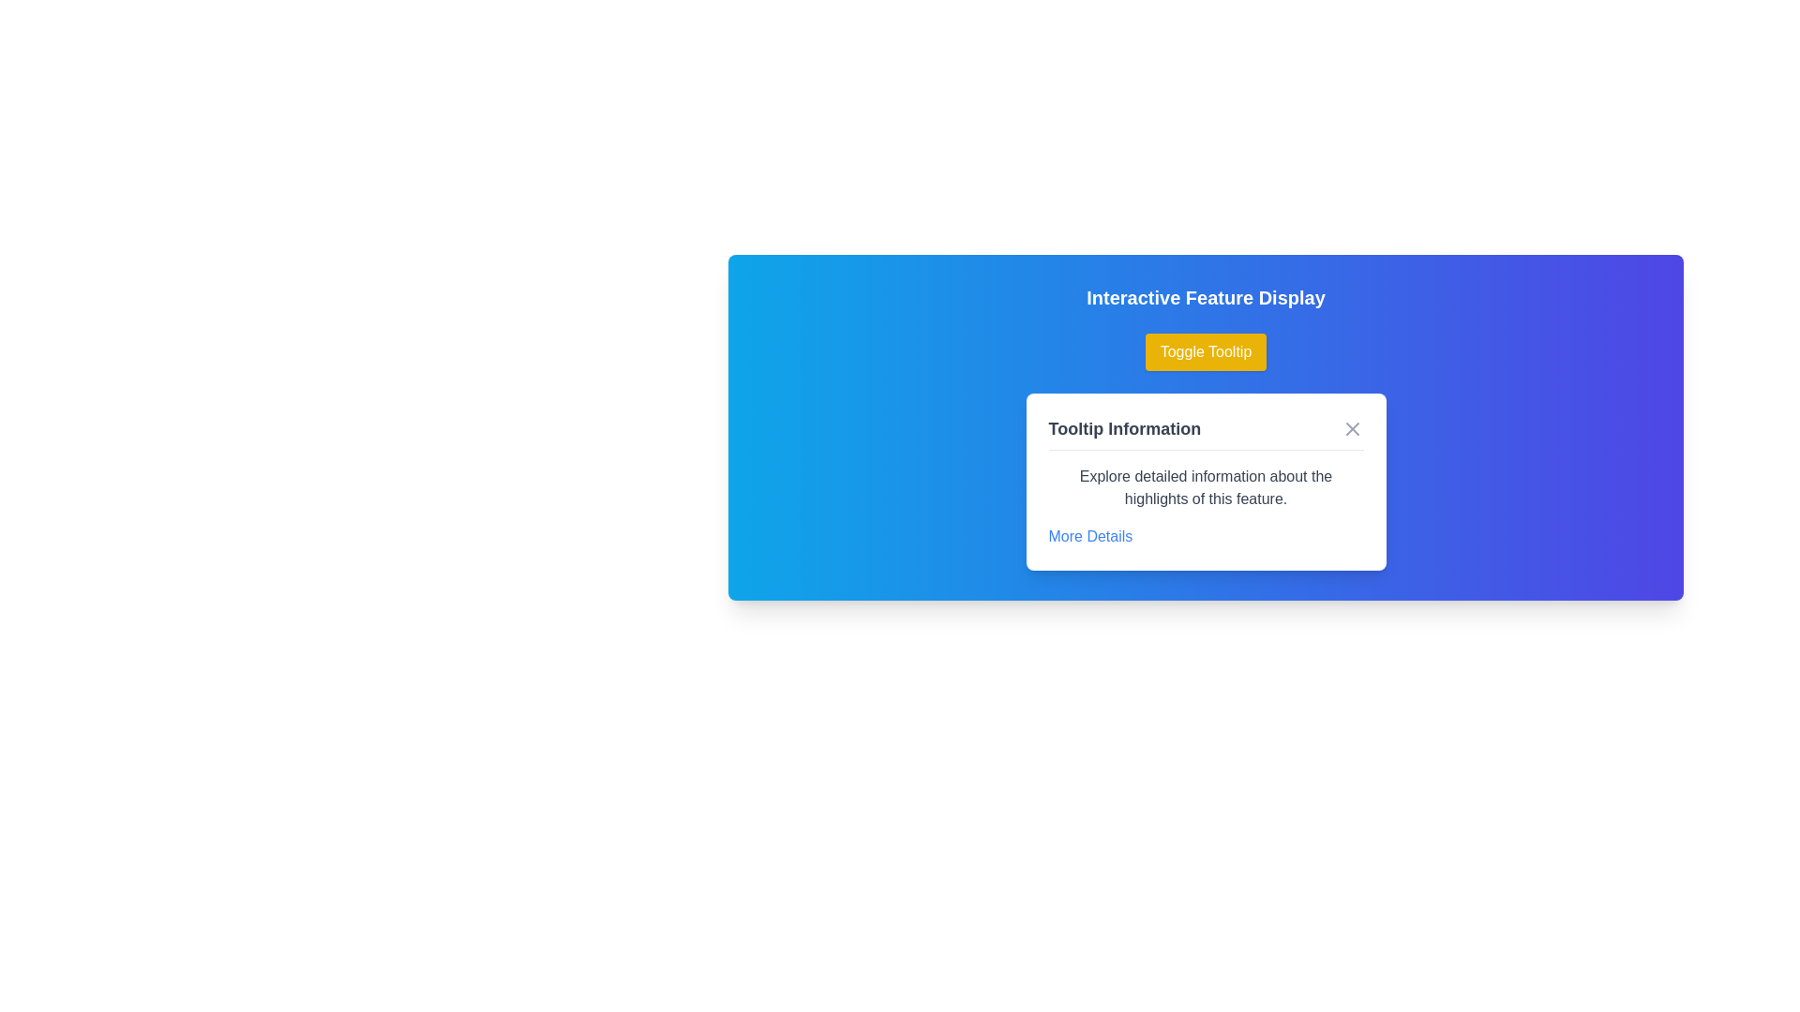 The width and height of the screenshot is (1800, 1012). I want to click on the diagonal cross component of the close button within the SVG icon located in the top-right corner of the tooltip box under the 'Toggle Tooltip' button, so click(1352, 429).